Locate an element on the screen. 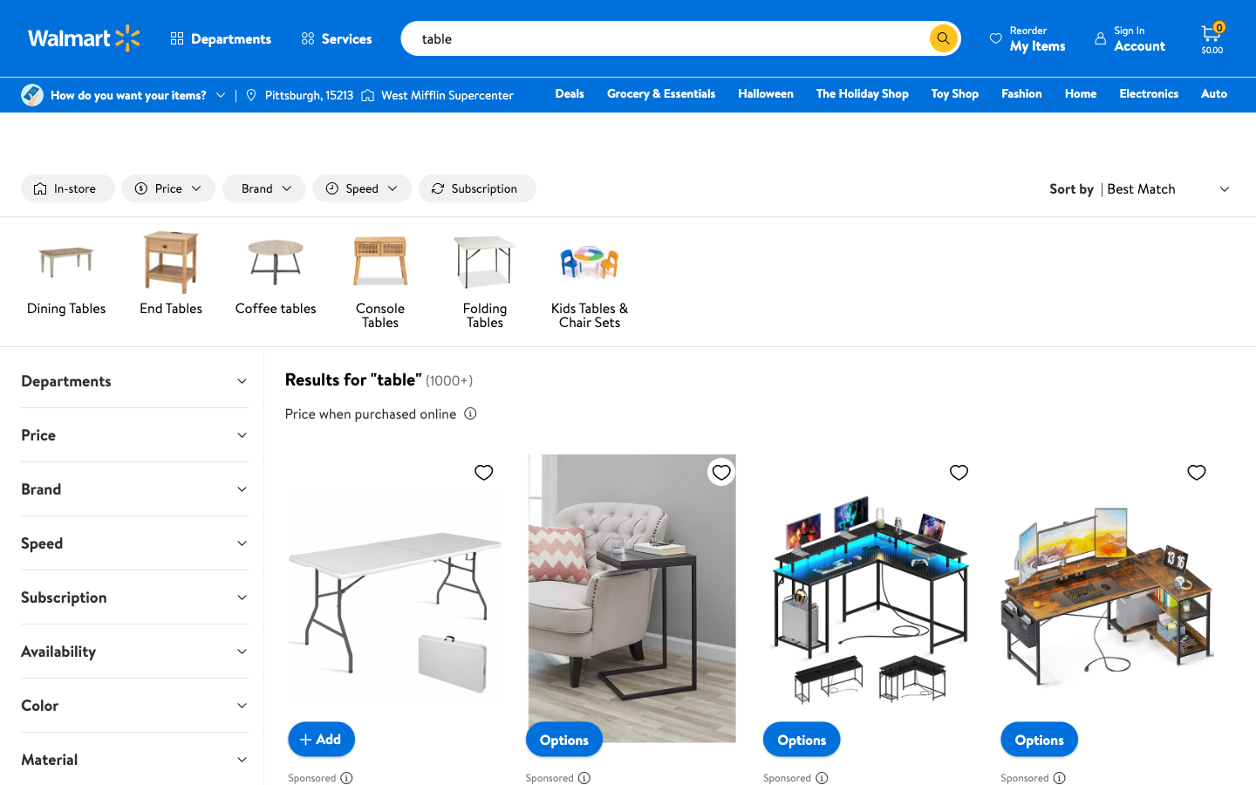 Image resolution: width=1256 pixels, height=785 pixels. Add three tables to your shopping list is located at coordinates (320, 738).